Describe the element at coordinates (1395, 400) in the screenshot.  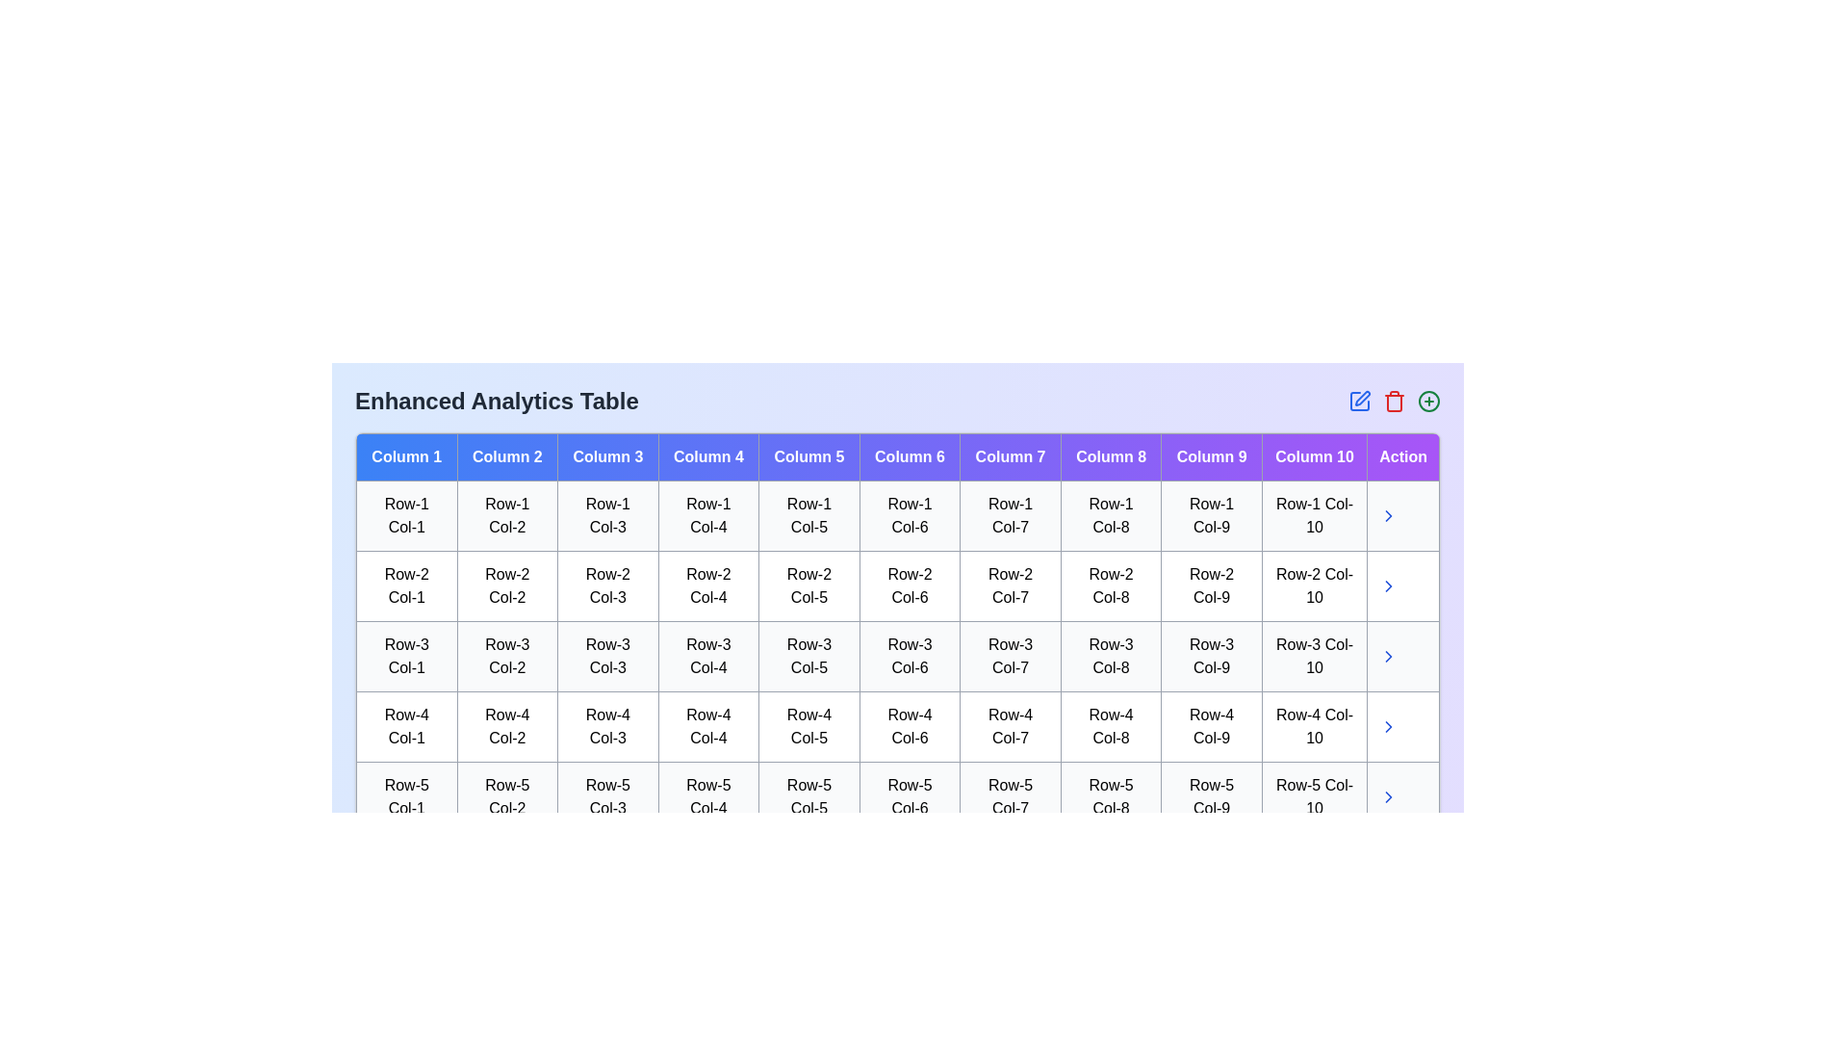
I see `delete icon in the header of the Enhanced Analytics Table` at that location.